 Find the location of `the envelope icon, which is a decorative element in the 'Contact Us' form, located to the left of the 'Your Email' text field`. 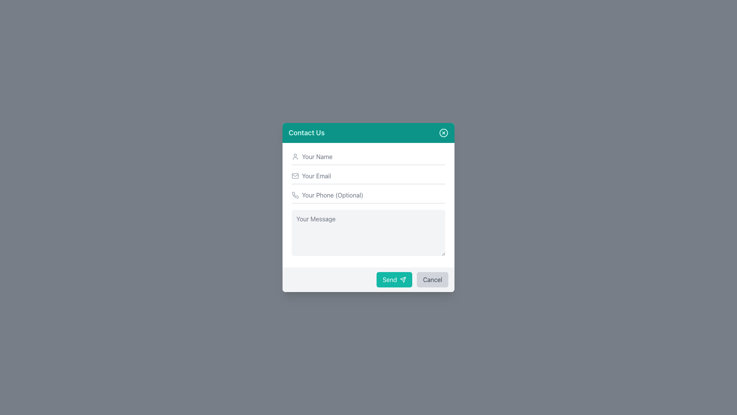

the envelope icon, which is a decorative element in the 'Contact Us' form, located to the left of the 'Your Email' text field is located at coordinates (295, 176).